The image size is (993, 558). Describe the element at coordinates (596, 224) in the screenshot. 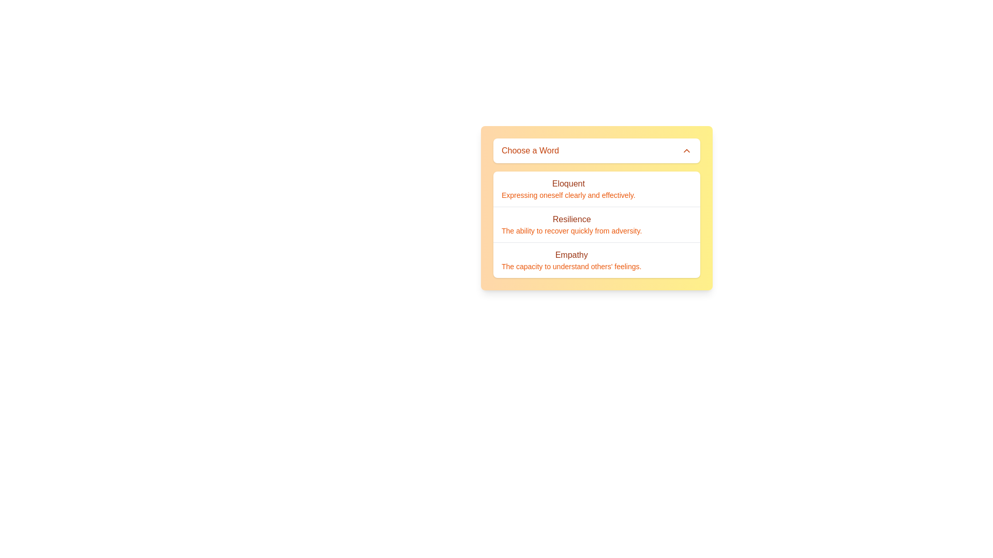

I see `the vertically aligned text item within the card-like informational component that is located under the 'Choose a Word' heading to make a selection or` at that location.